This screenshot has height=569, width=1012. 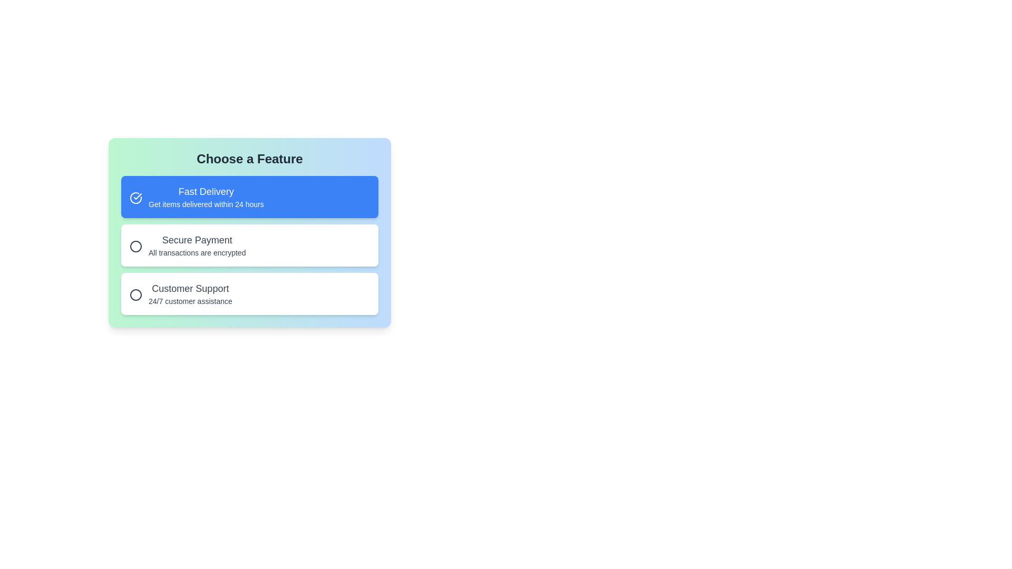 I want to click on header text which serves as the title for the content in the card-like UI component with a gradient background and rounded corners, positioned at the top and centered horizontally, so click(x=249, y=159).